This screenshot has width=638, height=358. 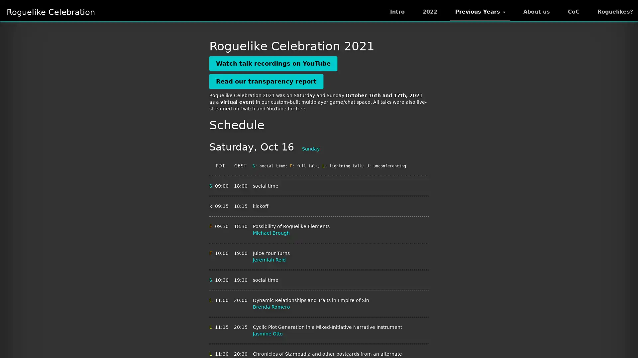 I want to click on Read our transparency report, so click(x=266, y=81).